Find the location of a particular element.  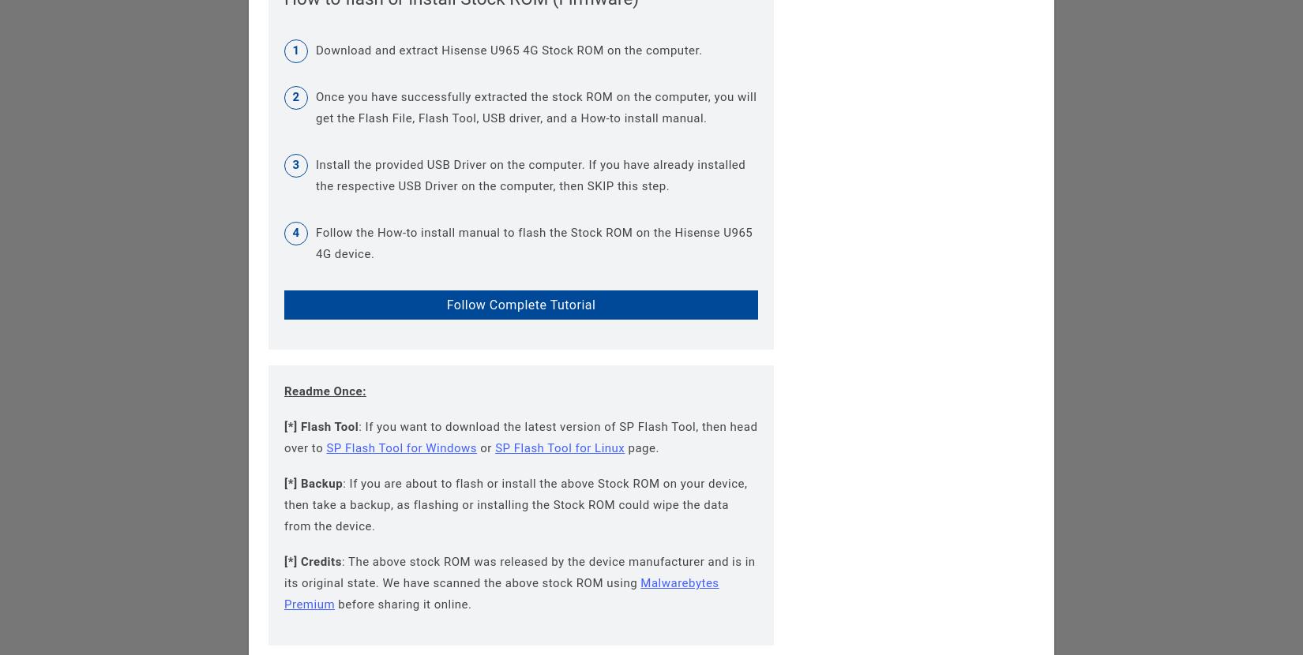

'Follow Complete Tutorial' is located at coordinates (520, 304).